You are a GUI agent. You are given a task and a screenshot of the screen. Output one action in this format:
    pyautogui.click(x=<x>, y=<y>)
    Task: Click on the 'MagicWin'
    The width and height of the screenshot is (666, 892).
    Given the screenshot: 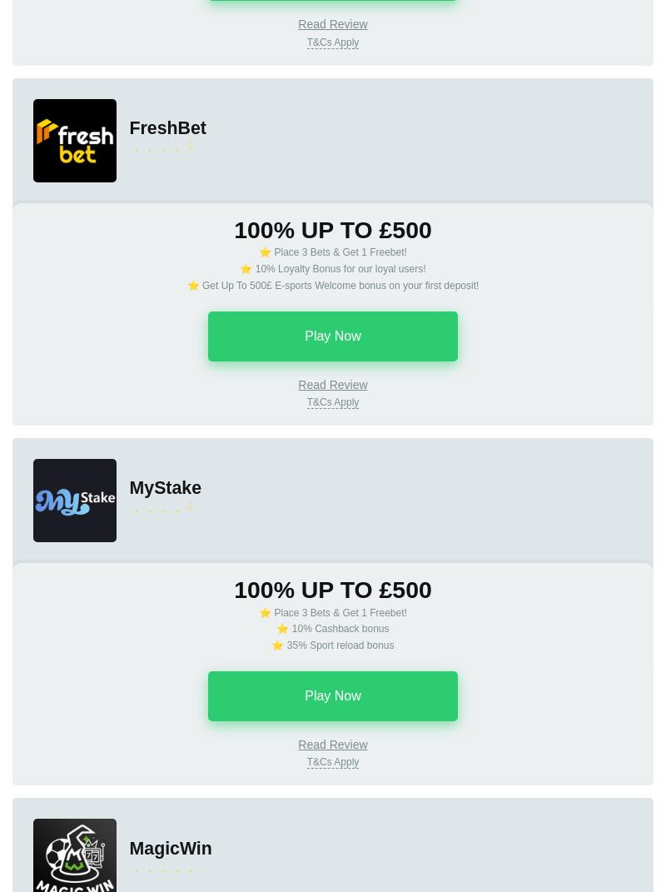 What is the action you would take?
    pyautogui.click(x=170, y=847)
    